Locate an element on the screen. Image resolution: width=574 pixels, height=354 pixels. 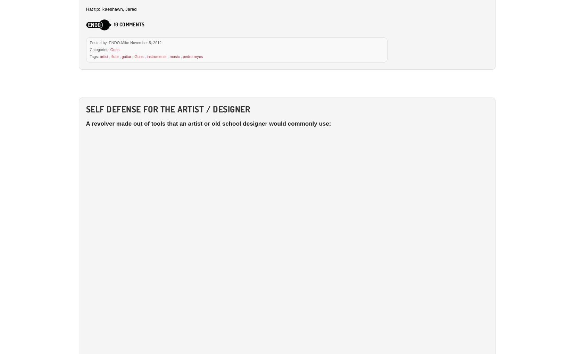
'guitar' is located at coordinates (126, 56).